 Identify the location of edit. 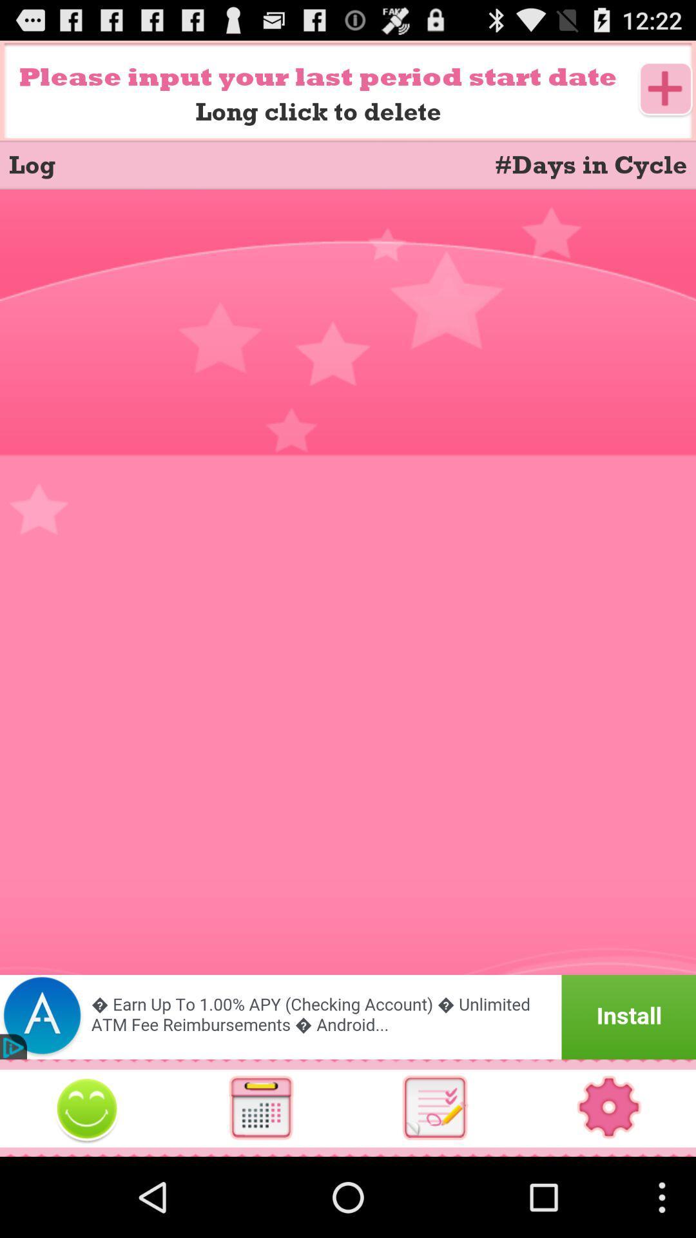
(87, 1107).